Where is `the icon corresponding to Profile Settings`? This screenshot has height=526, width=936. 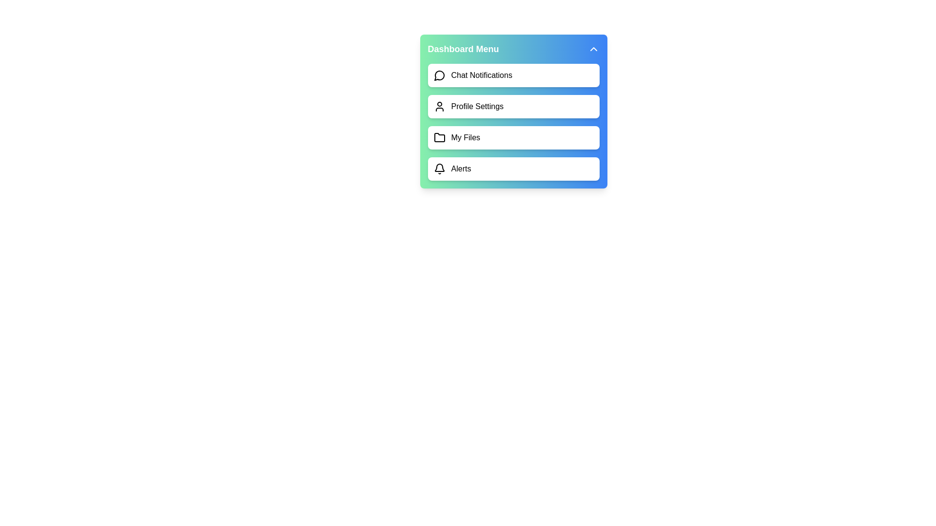 the icon corresponding to Profile Settings is located at coordinates (439, 107).